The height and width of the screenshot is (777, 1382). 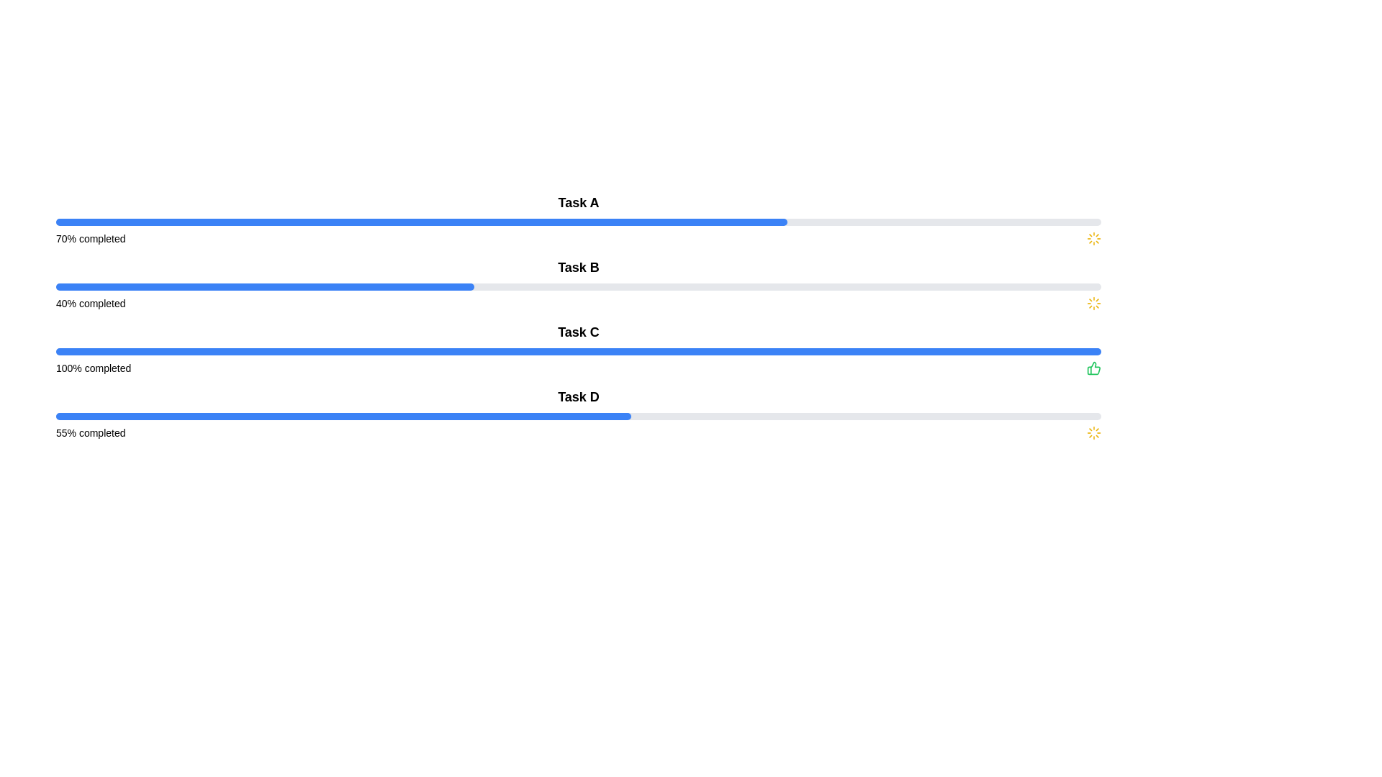 I want to click on the Progress Bar indicating 100% completion for 'Task C' located between the title and the completion text, so click(x=579, y=352).